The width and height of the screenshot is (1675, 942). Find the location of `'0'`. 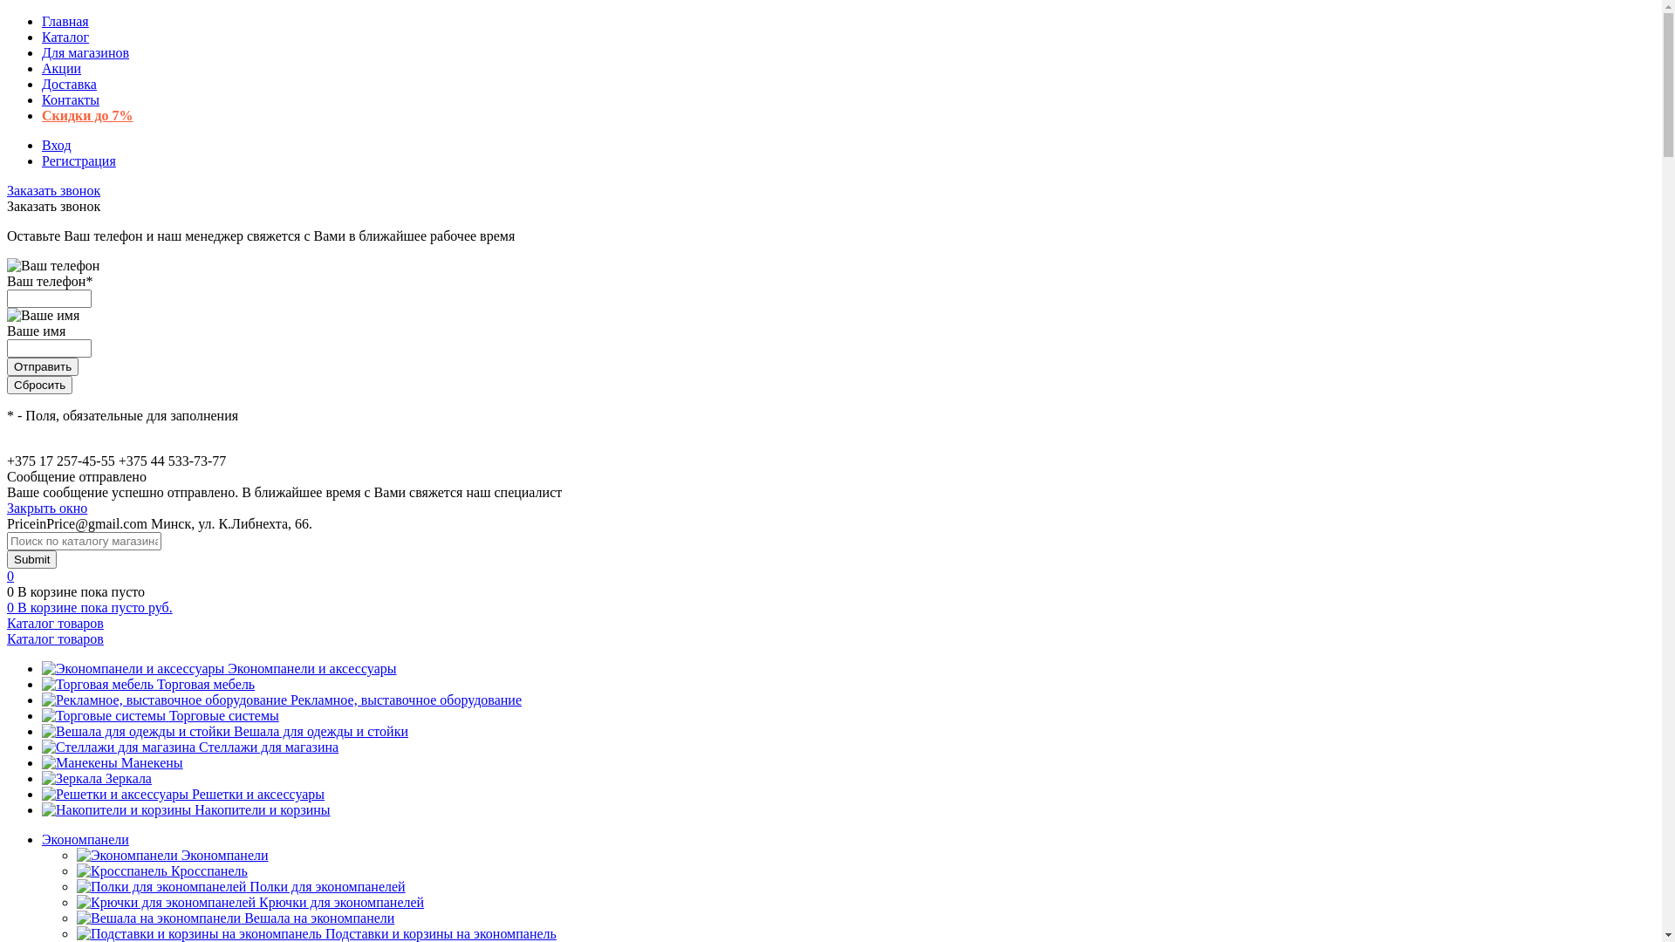

'0' is located at coordinates (12, 590).